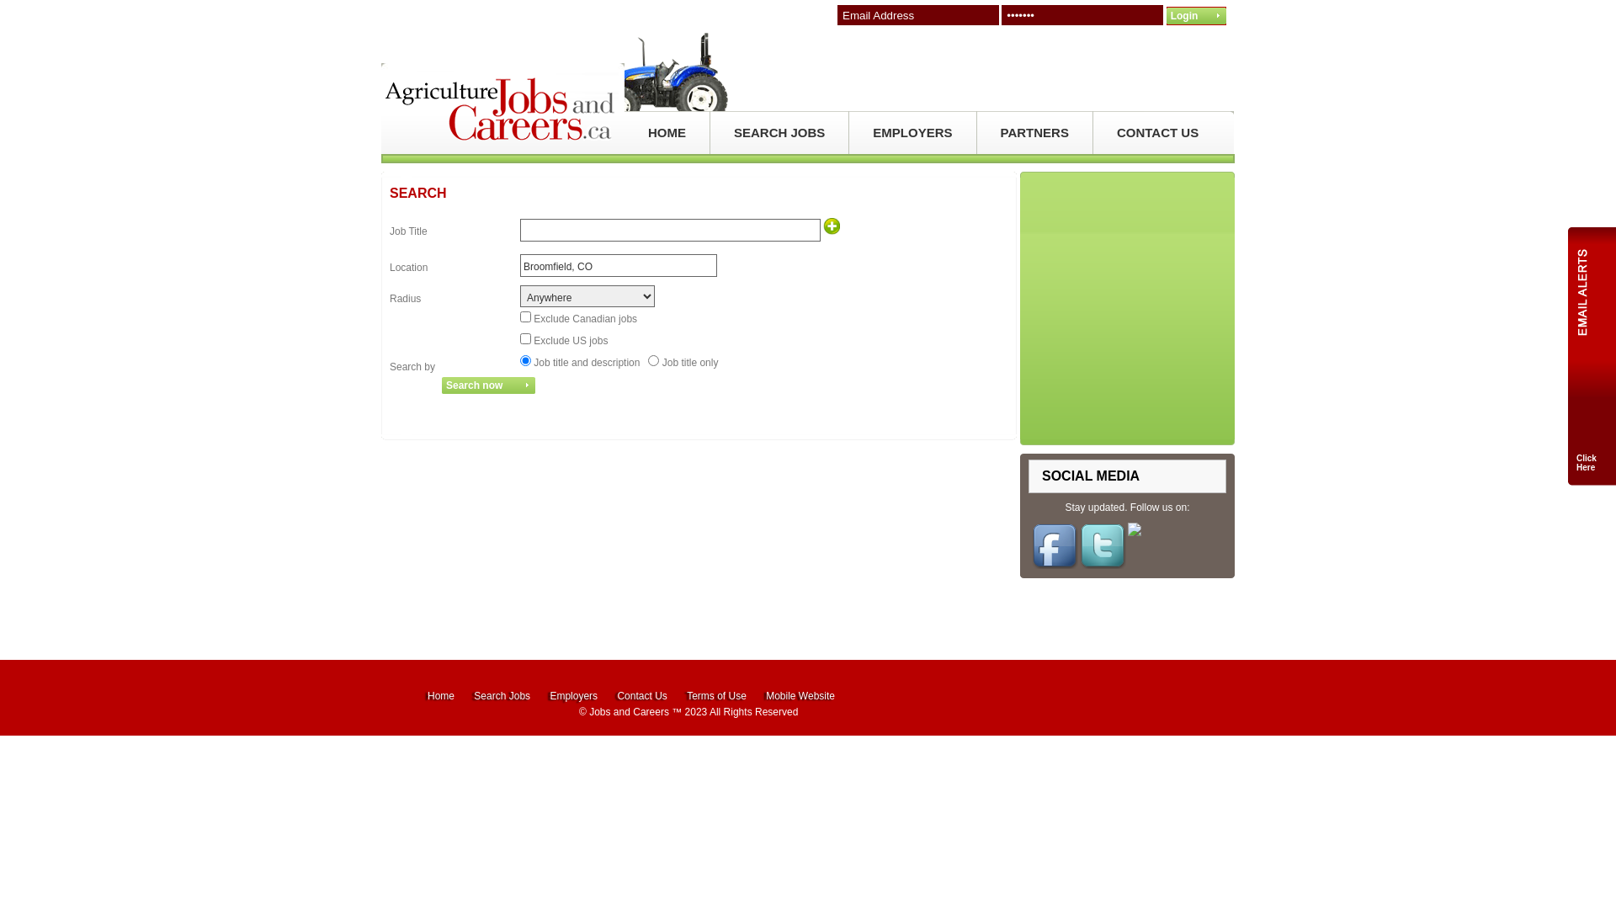  I want to click on 'HOME', so click(666, 131).